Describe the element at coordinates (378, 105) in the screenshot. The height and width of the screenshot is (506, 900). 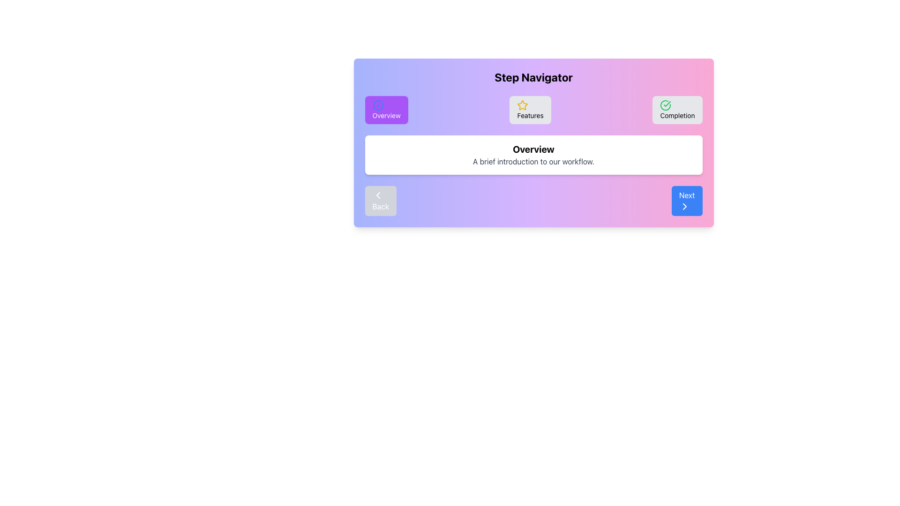
I see `the circular icon with a blue outline and transparent fill, located inside the purple 'Overview' button` at that location.